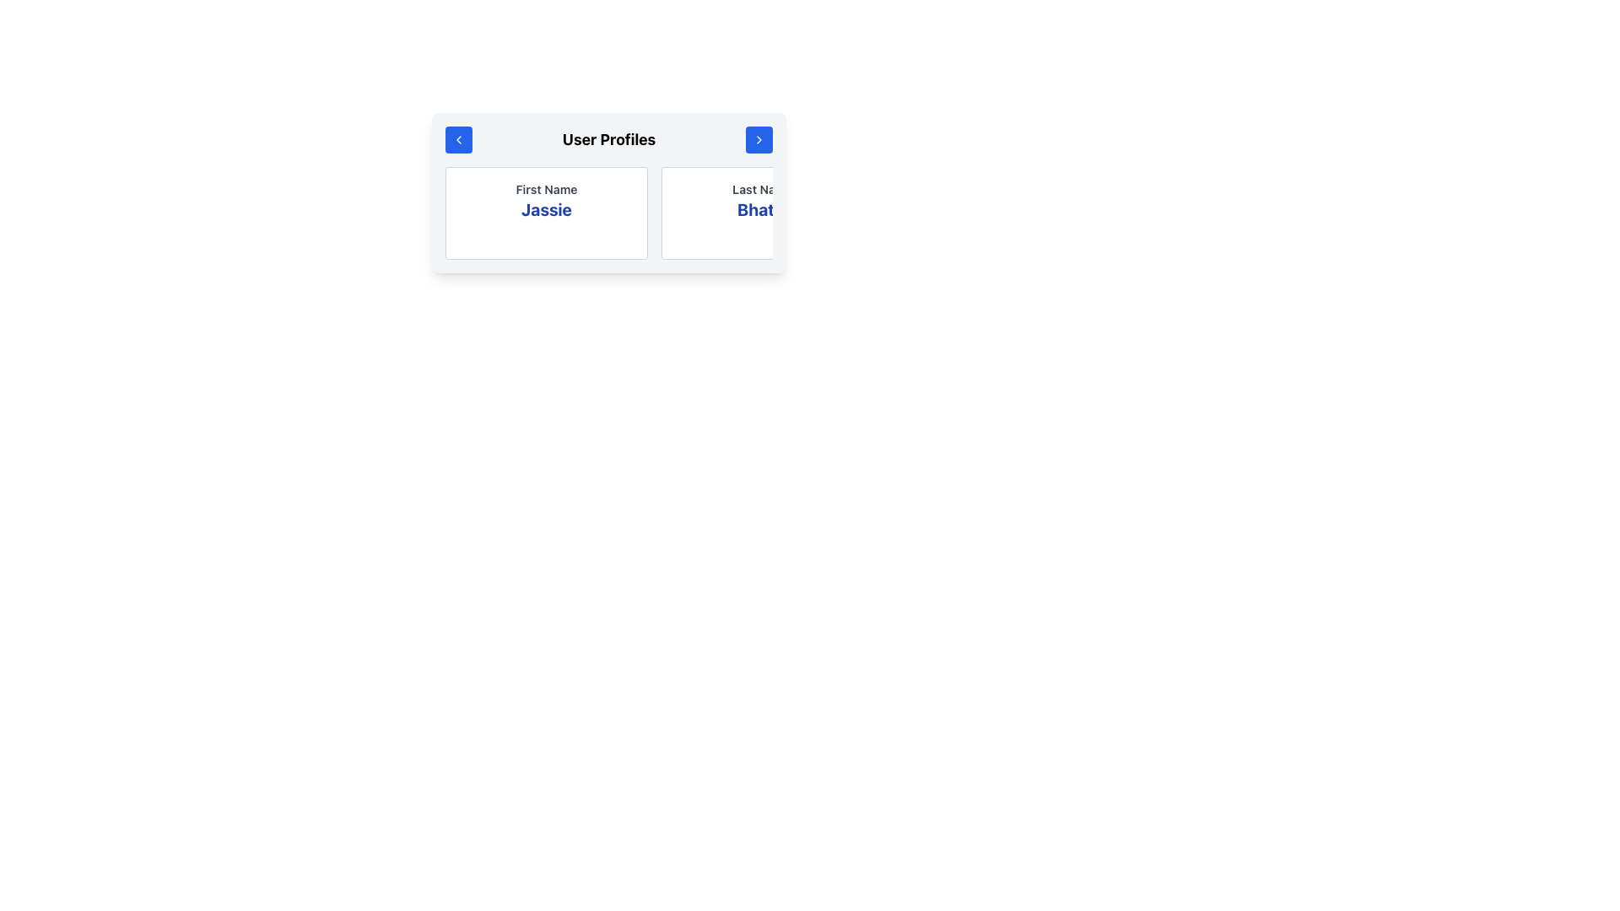  I want to click on the right-pointing arrow icon located within the blue circular button at the top right corner of the 'User Profiles' panel, so click(758, 138).